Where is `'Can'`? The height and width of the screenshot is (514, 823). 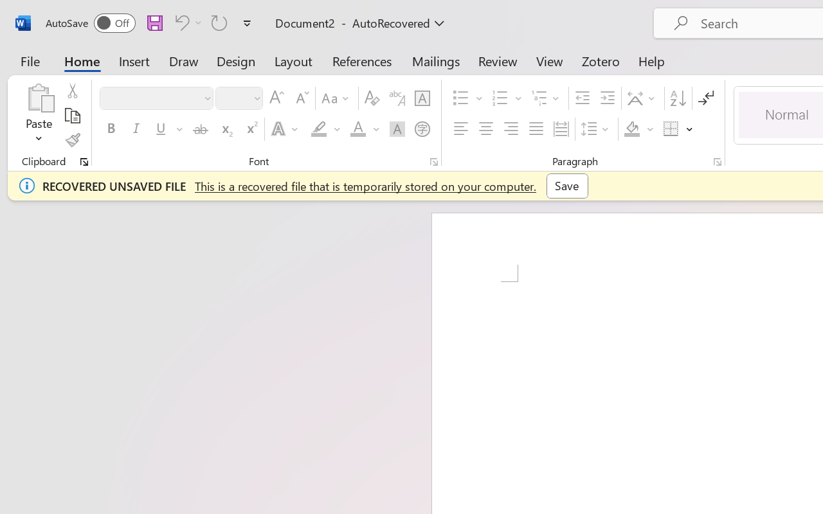
'Can' is located at coordinates (186, 22).